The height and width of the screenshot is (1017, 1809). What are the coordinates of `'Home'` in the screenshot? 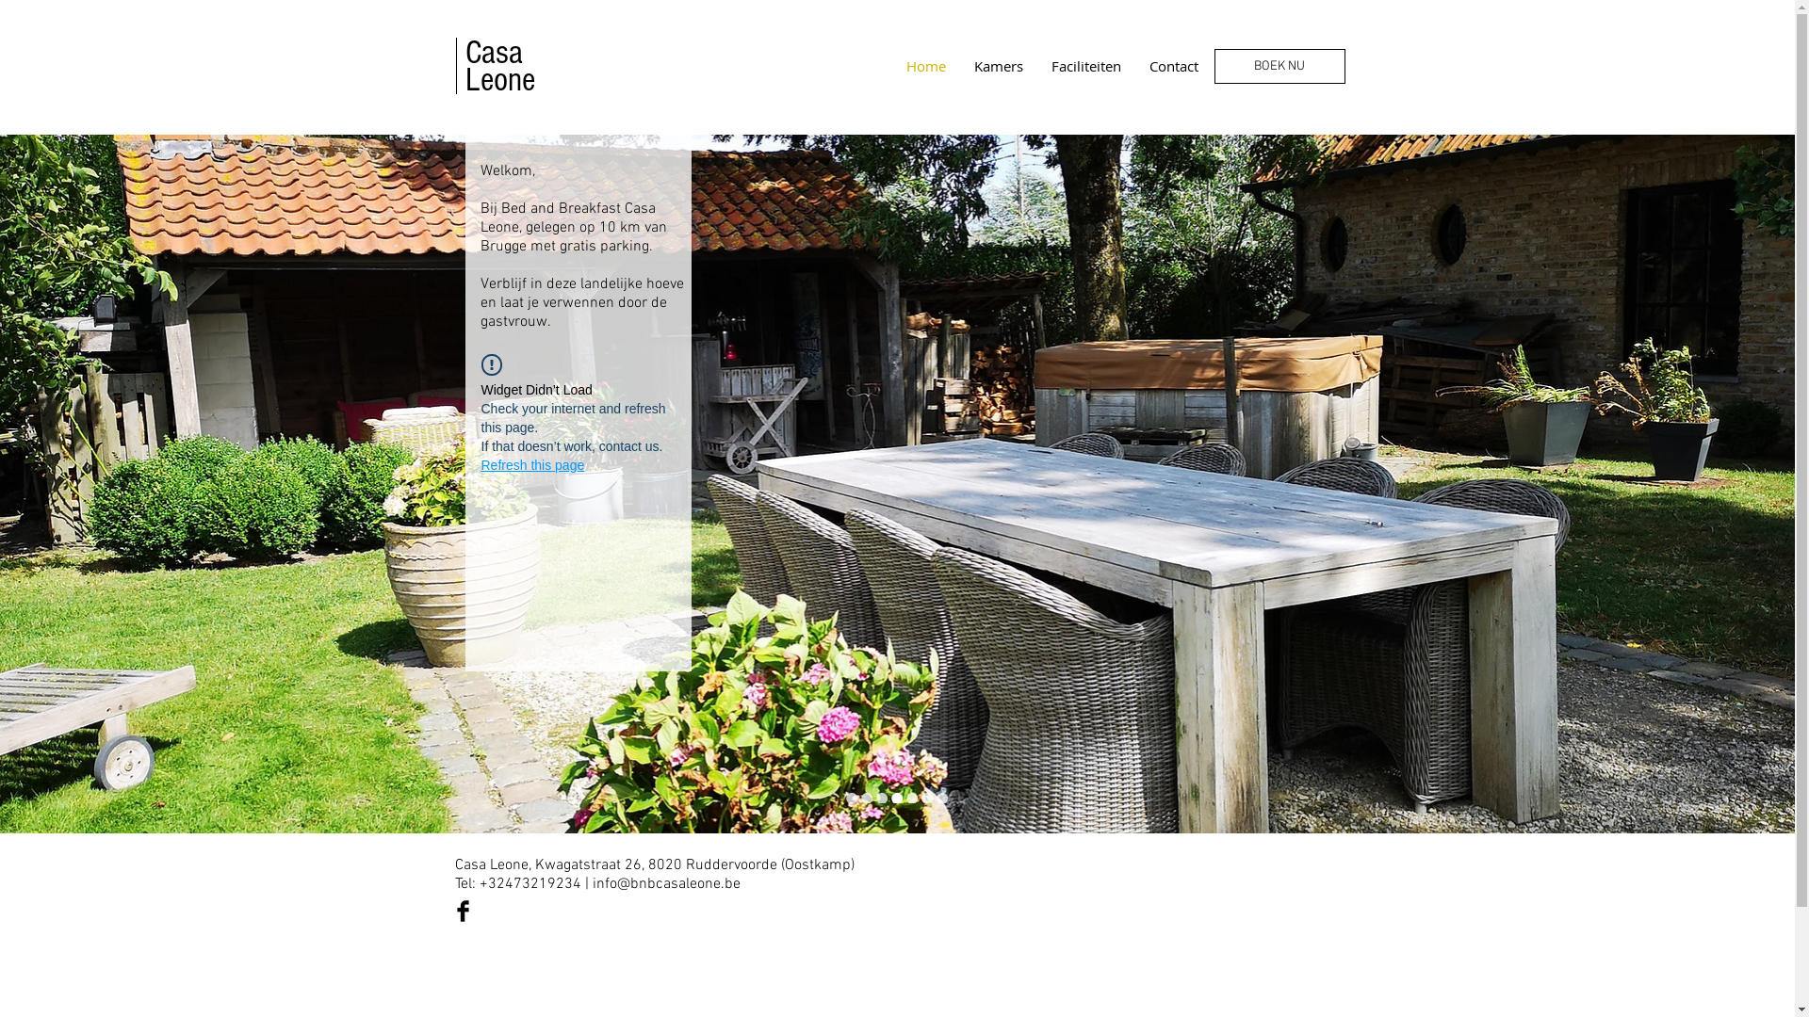 It's located at (925, 64).